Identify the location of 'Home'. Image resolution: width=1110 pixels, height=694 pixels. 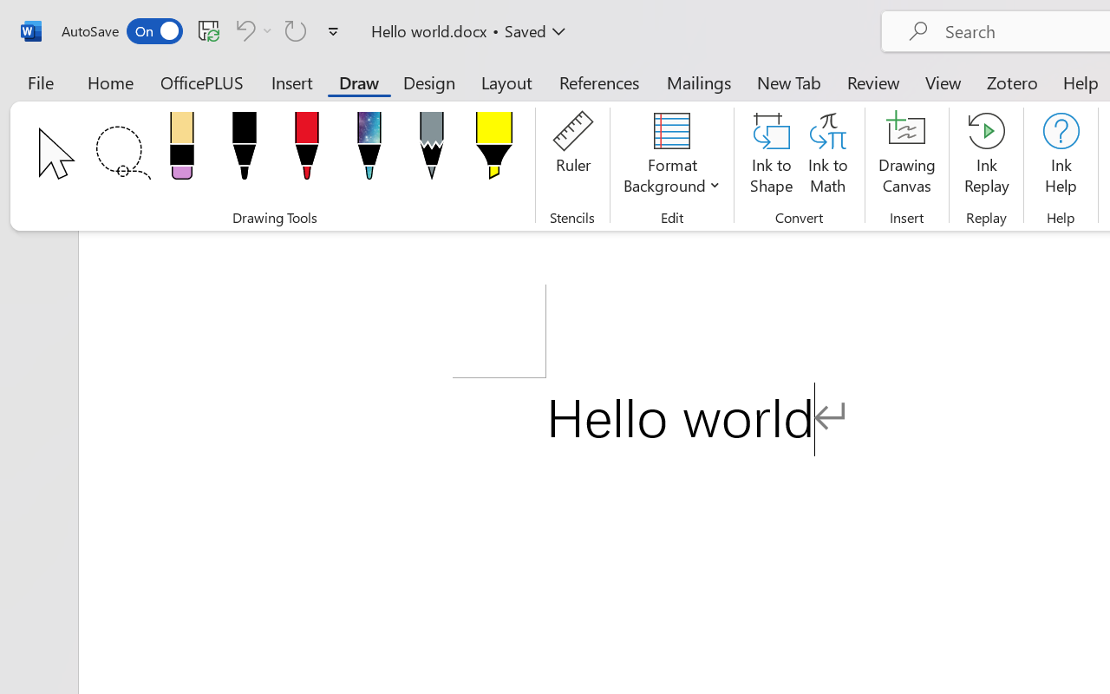
(110, 82).